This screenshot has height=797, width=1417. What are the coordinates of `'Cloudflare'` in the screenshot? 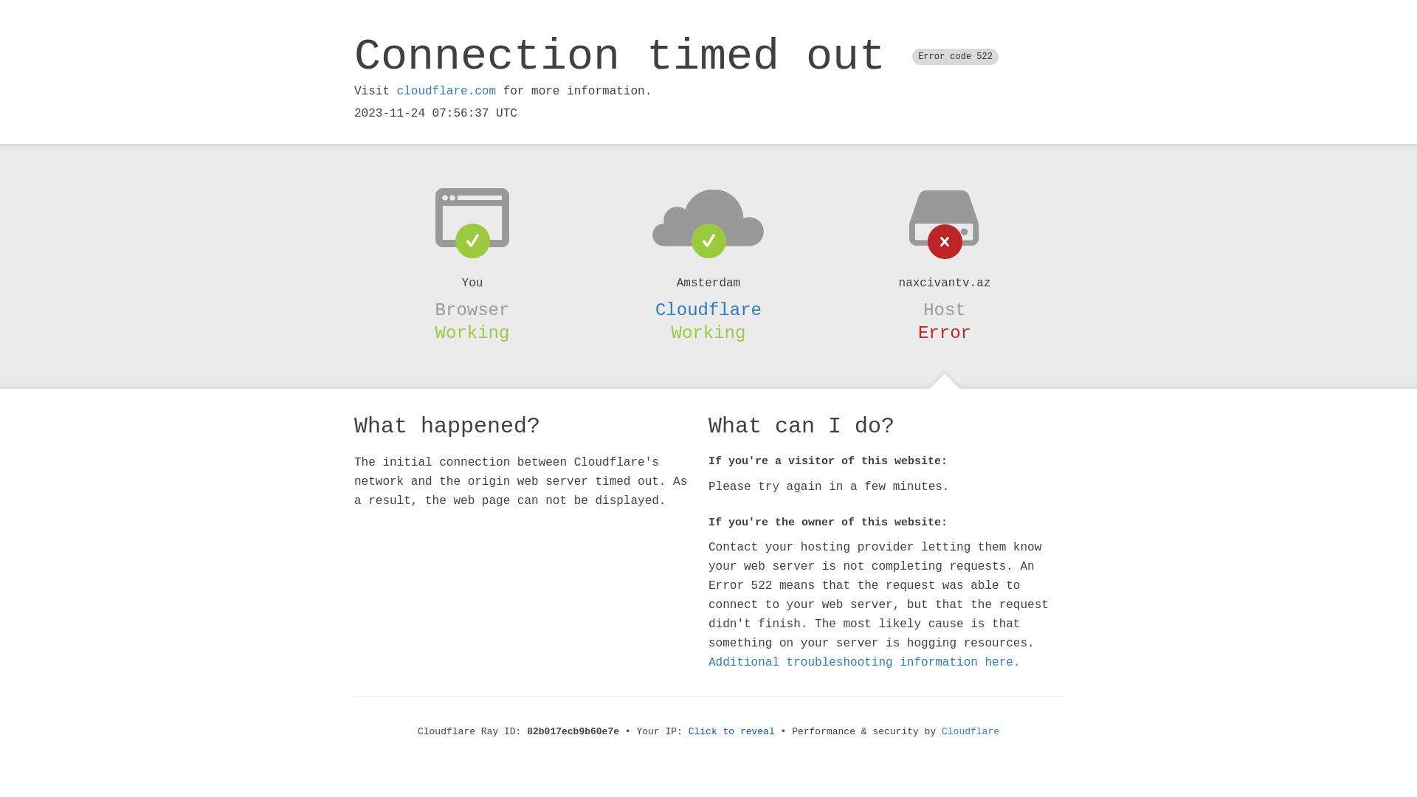 It's located at (708, 309).